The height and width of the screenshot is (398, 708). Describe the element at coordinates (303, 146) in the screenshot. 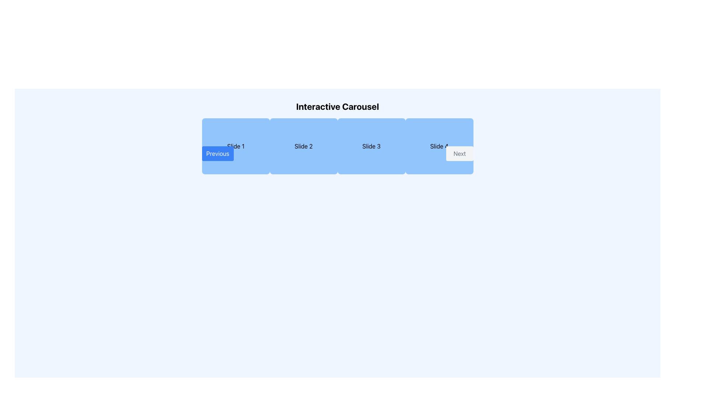

I see `the Static informational block with a blue background and centered text 'Slide 2', which is the second item in a sequence of four horizontally aligned components` at that location.